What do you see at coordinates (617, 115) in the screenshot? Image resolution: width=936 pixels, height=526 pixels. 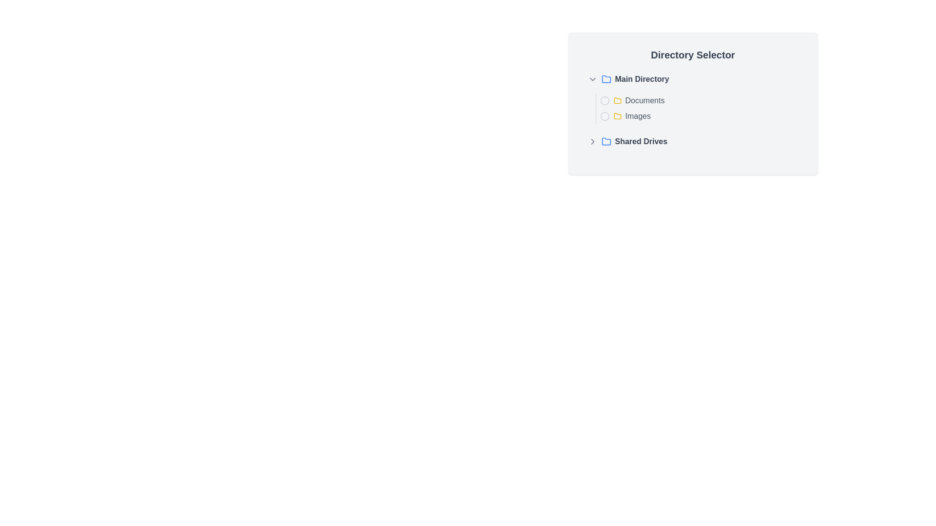 I see `the yellow folder icon located in the 'Directory Selector' interface` at bounding box center [617, 115].